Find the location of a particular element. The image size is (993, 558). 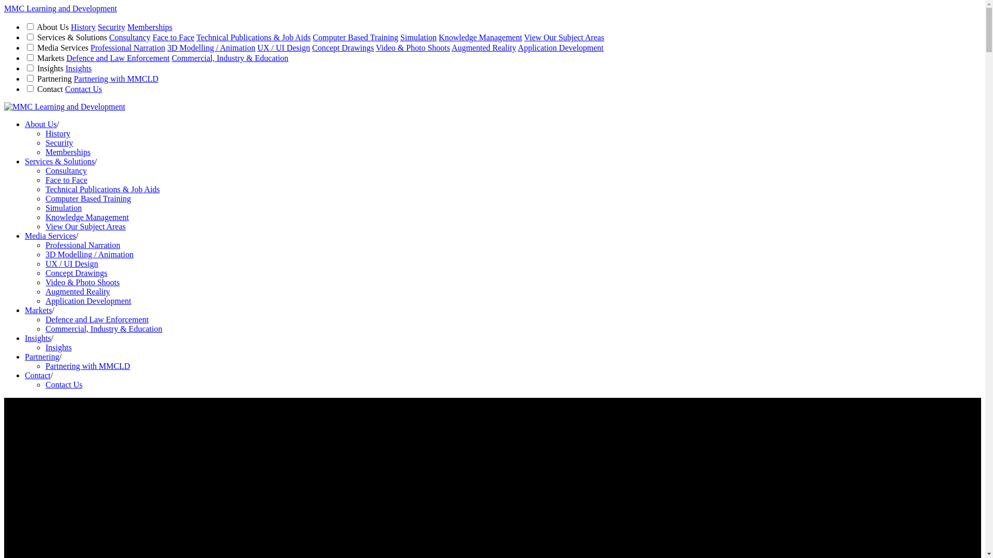

'Concept Drawings' is located at coordinates (76, 272).